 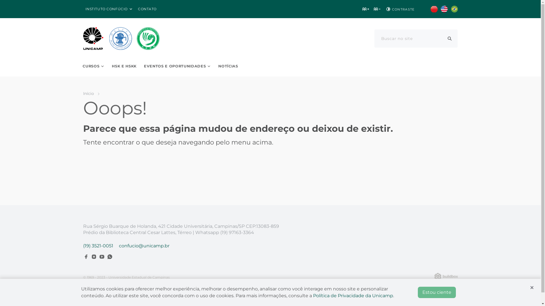 What do you see at coordinates (449, 38) in the screenshot?
I see `'Buscar'` at bounding box center [449, 38].